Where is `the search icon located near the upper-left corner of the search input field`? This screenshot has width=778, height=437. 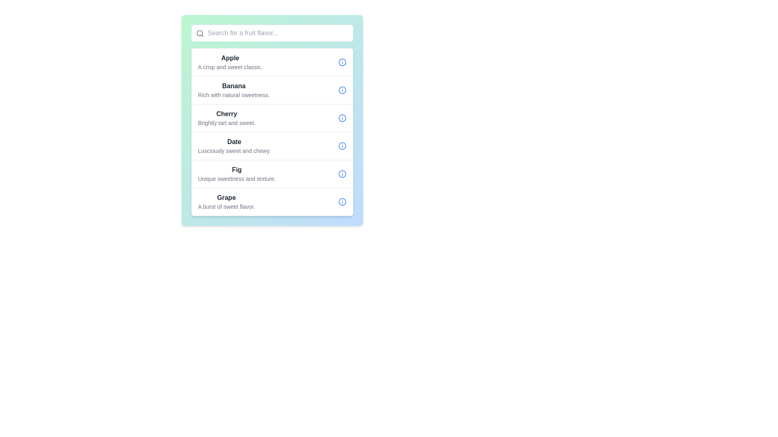 the search icon located near the upper-left corner of the search input field is located at coordinates (200, 33).